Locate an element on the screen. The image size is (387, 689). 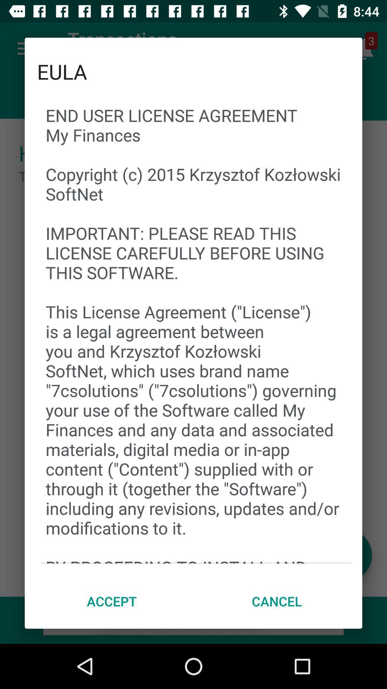
icon at the bottom right corner is located at coordinates (276, 601).